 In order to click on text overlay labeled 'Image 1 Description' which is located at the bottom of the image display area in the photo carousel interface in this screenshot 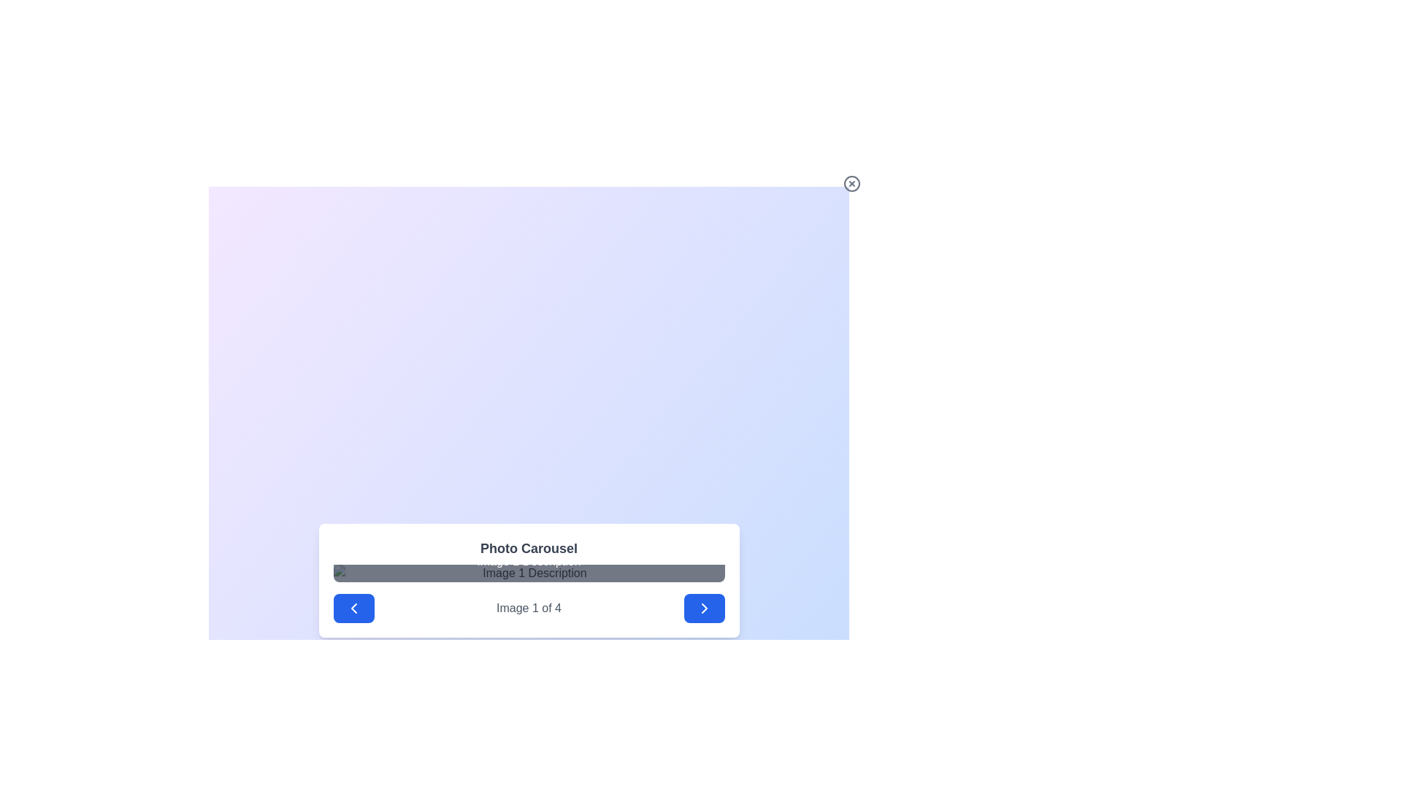, I will do `click(528, 561)`.